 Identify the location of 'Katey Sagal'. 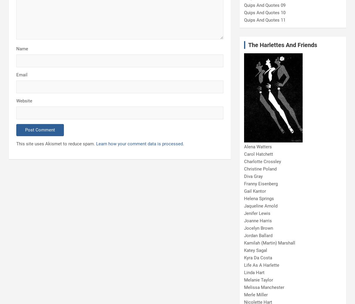
(255, 250).